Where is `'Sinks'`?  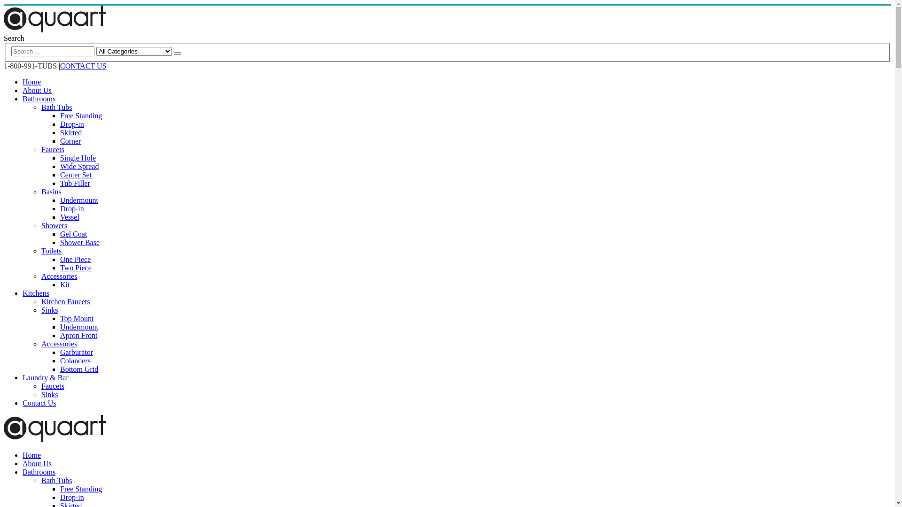
'Sinks' is located at coordinates (49, 394).